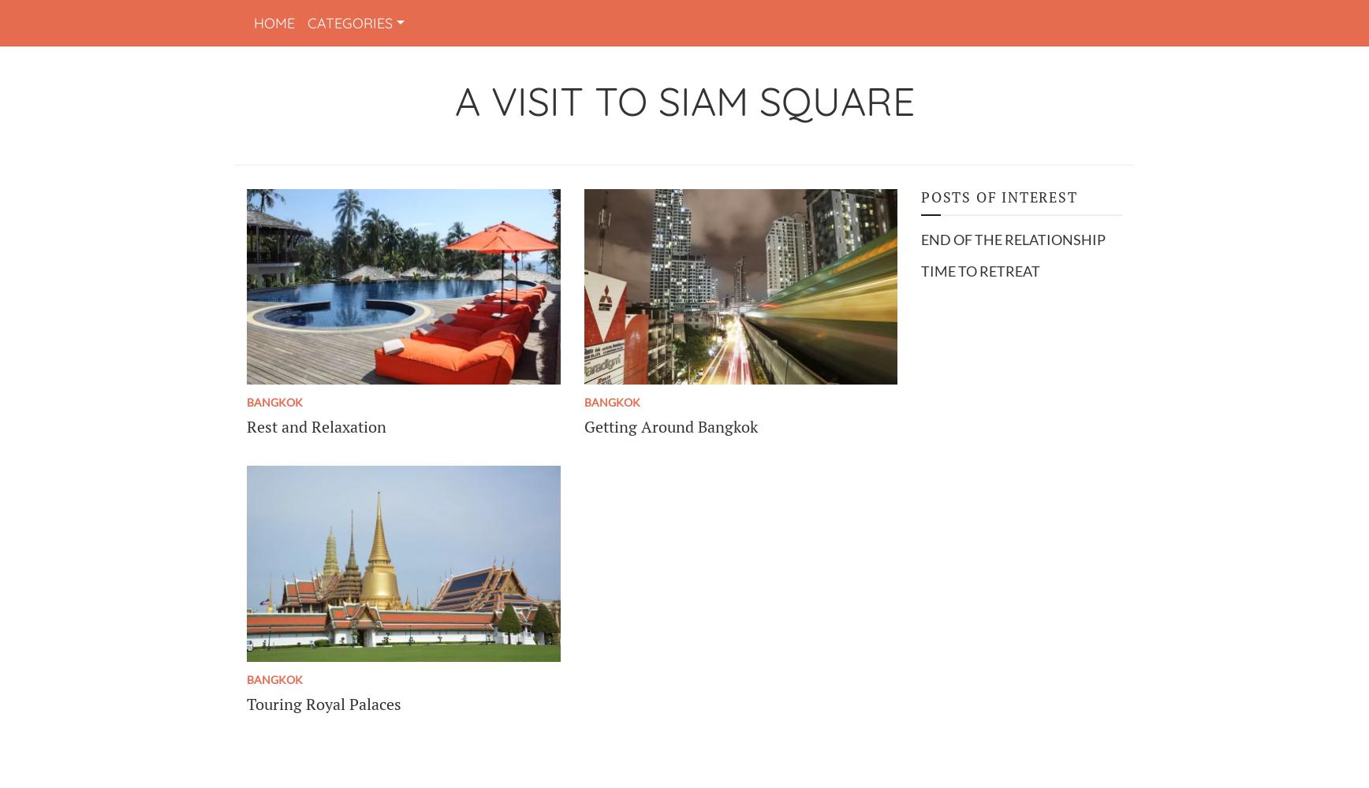  What do you see at coordinates (670, 426) in the screenshot?
I see `'Getting Around Bangkok'` at bounding box center [670, 426].